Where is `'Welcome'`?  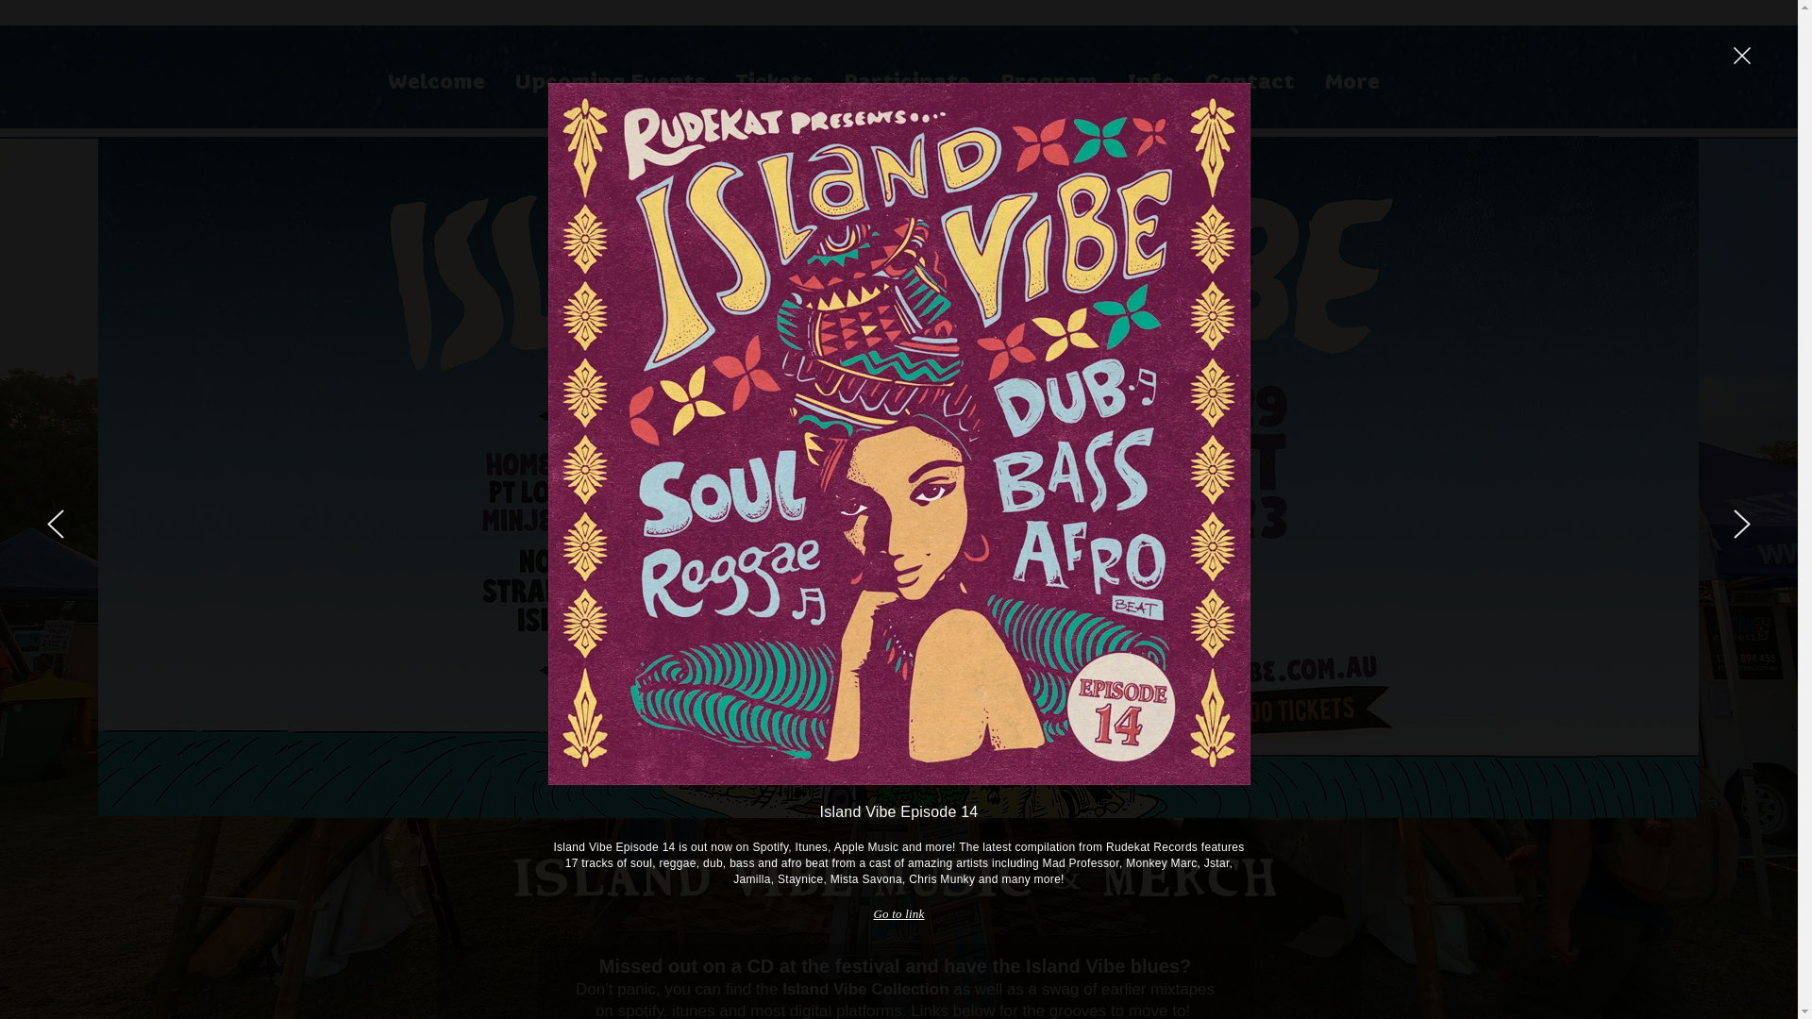
'Welcome' is located at coordinates (434, 79).